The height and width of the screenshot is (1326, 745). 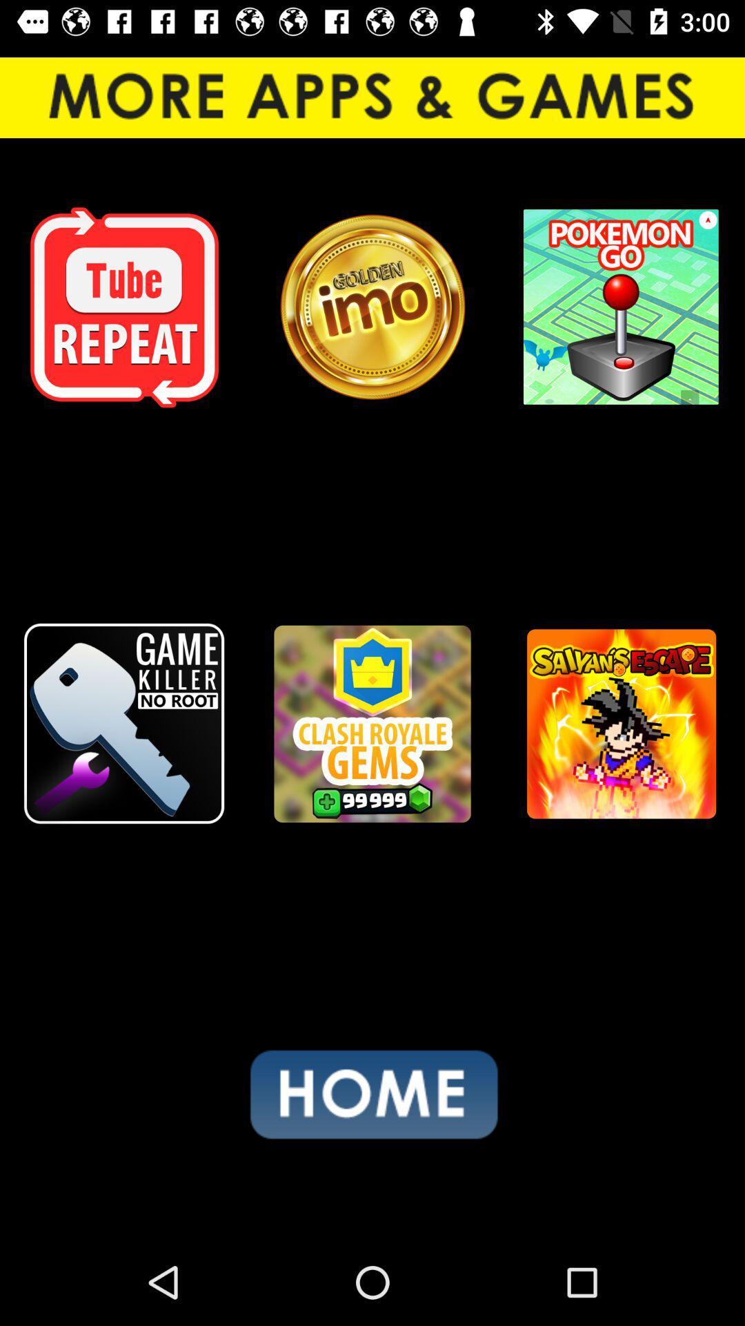 I want to click on game killer, so click(x=124, y=723).